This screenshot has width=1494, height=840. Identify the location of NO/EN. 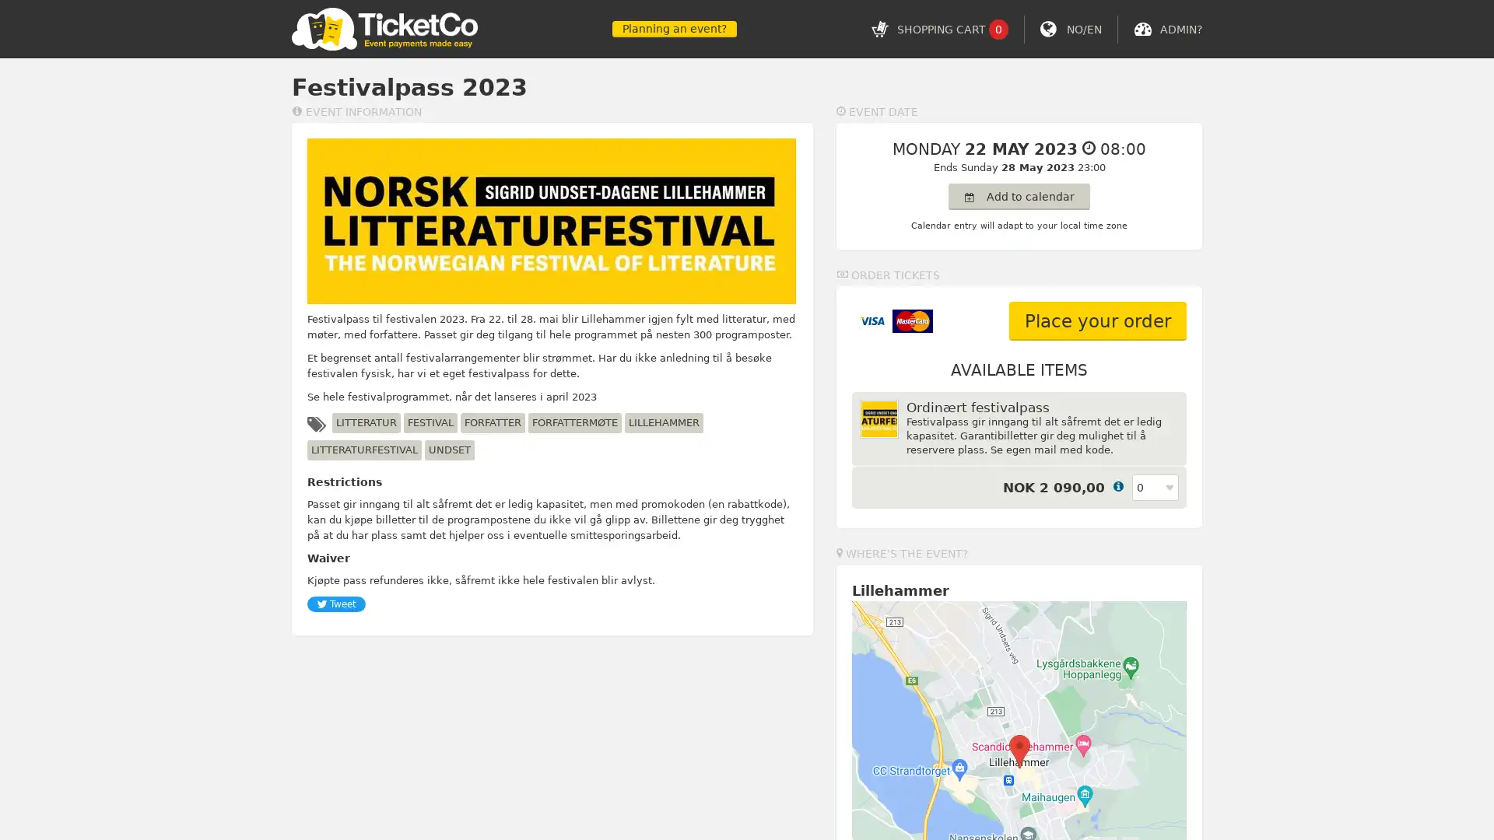
(1083, 29).